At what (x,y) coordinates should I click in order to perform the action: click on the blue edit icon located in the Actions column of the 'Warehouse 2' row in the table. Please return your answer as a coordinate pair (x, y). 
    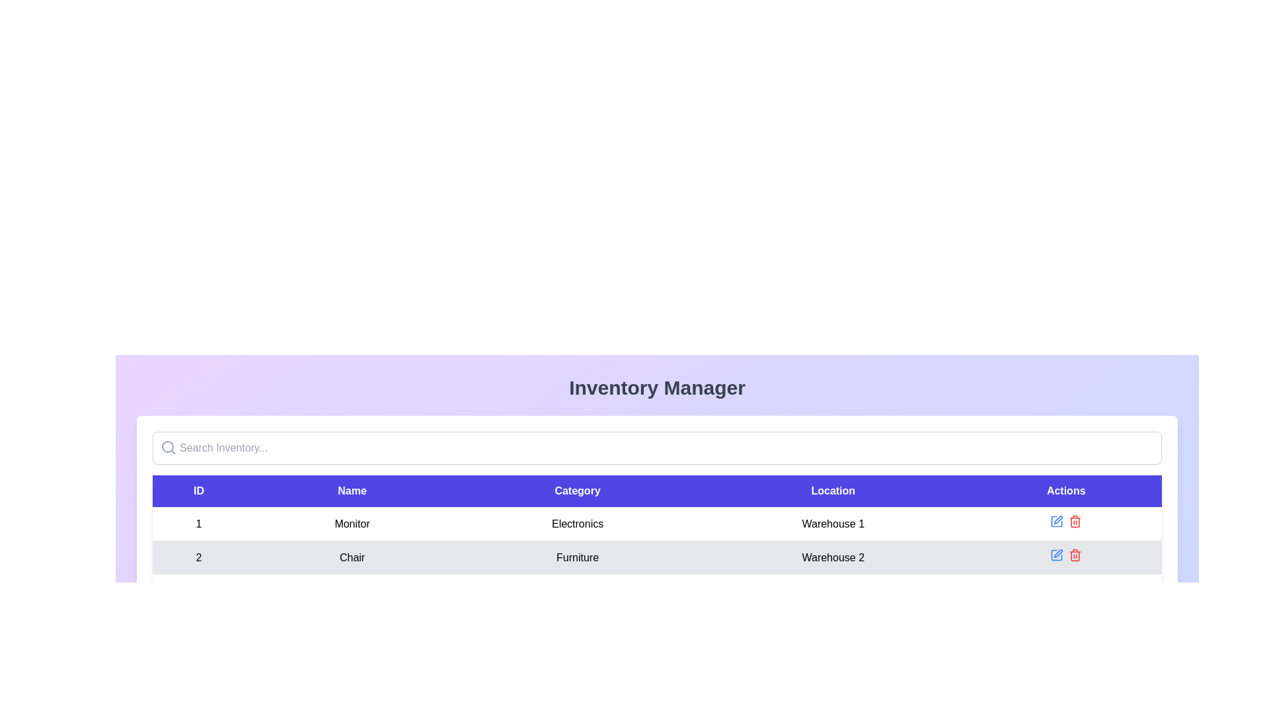
    Looking at the image, I should click on (1066, 557).